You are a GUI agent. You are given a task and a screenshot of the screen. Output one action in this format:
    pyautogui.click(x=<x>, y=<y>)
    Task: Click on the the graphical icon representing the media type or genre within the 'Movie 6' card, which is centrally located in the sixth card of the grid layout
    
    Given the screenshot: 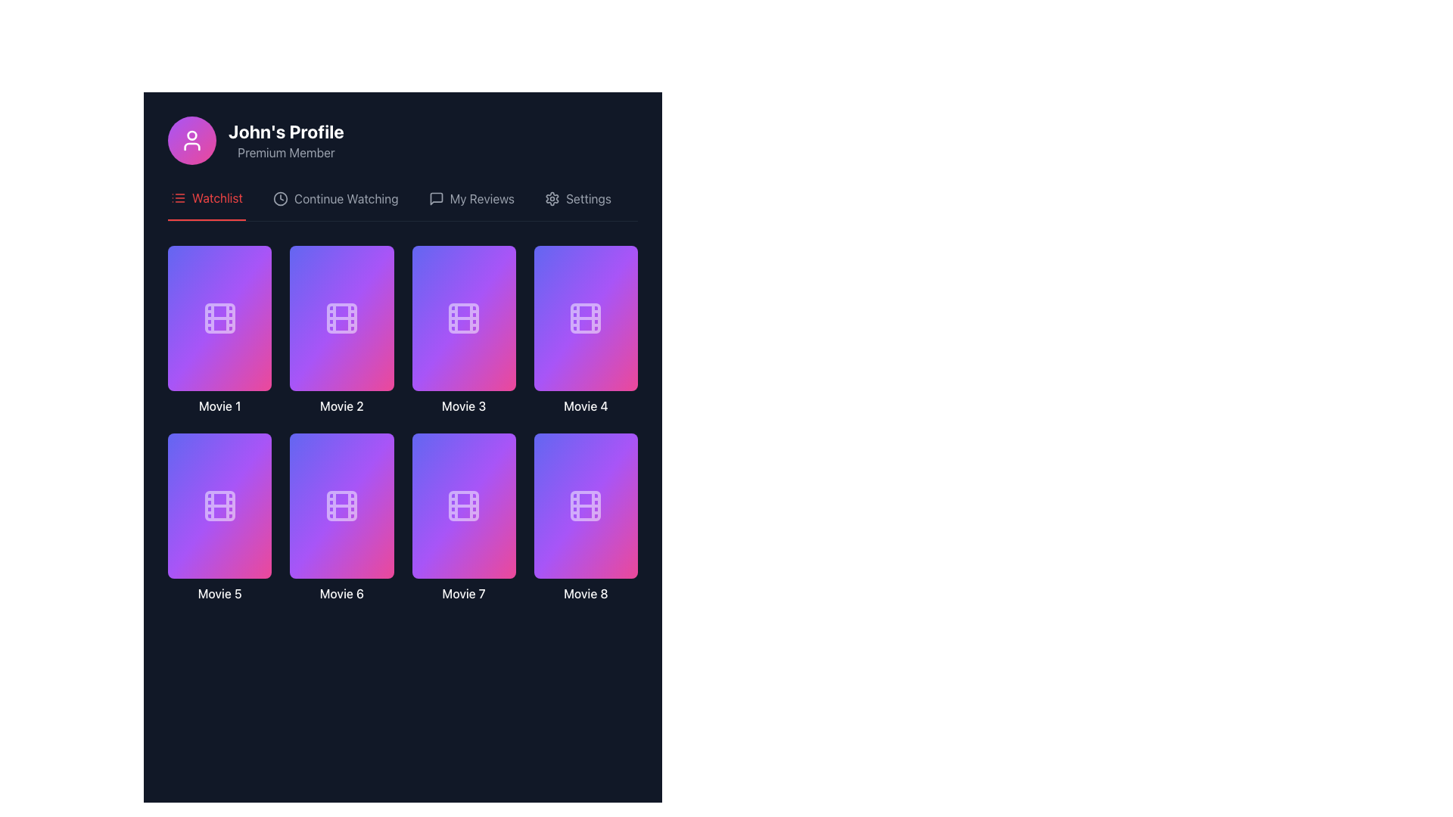 What is the action you would take?
    pyautogui.click(x=341, y=505)
    